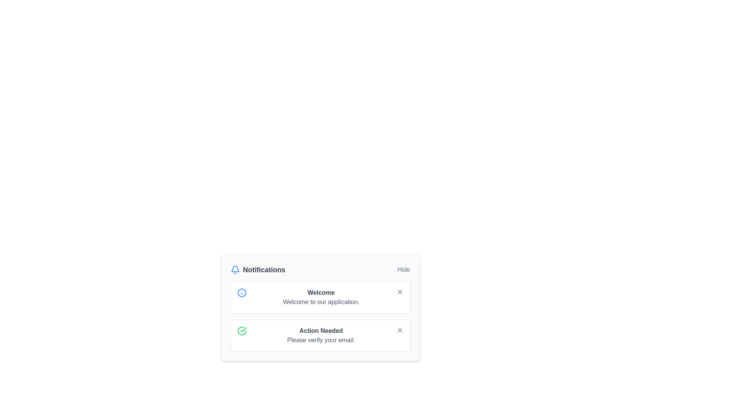  Describe the element at coordinates (321, 301) in the screenshot. I see `the text element that reads 'Welcome to our application.' styled in gray color, positioned beneath the heading 'Welcome' in a notification card` at that location.